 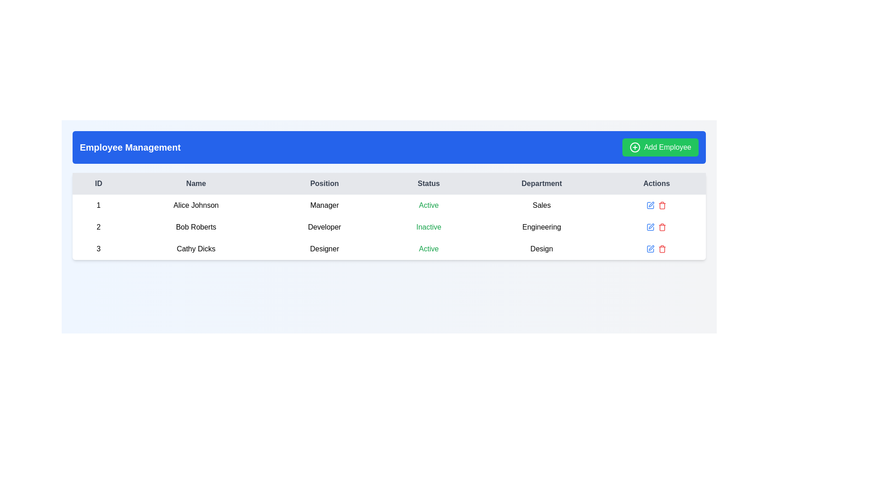 What do you see at coordinates (98, 227) in the screenshot?
I see `the Text label representing the unique identifier for Bob Roberts, located in the second row of the table under the 'ID' column` at bounding box center [98, 227].